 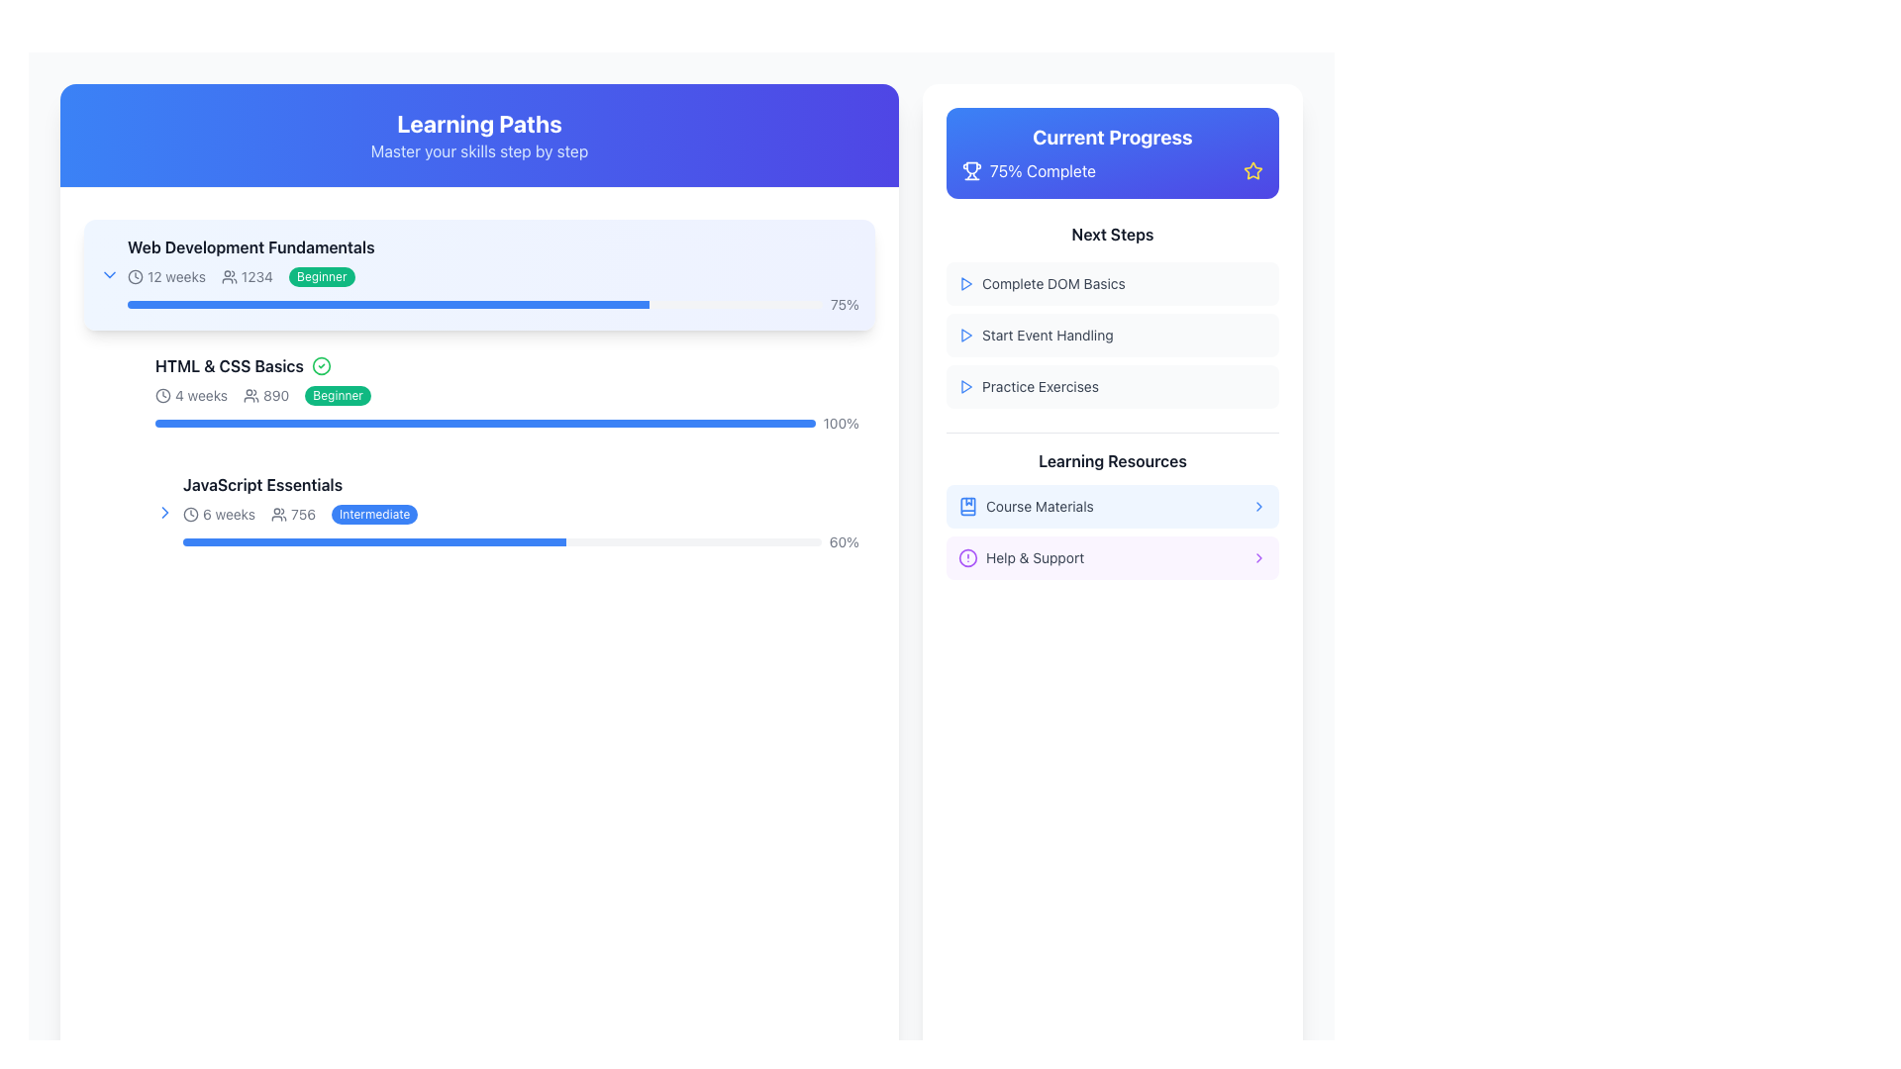 I want to click on the List item labeled 'Start Event Handling.' located in the 'Current Progress' sidebar under 'Next Steps', so click(x=1112, y=335).